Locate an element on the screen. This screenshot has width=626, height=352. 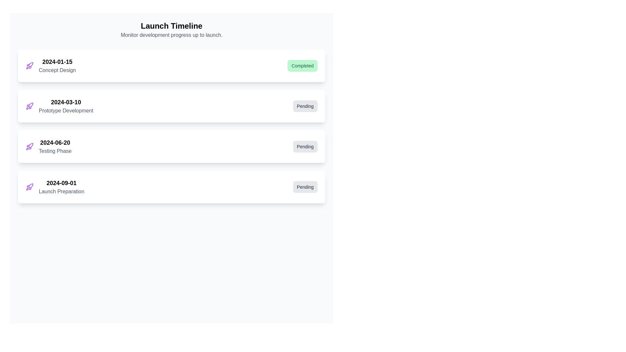
the static explanatory text located directly below the 'Launch Timeline' heading, which provides context about monitoring development progress for a launch is located at coordinates (171, 35).